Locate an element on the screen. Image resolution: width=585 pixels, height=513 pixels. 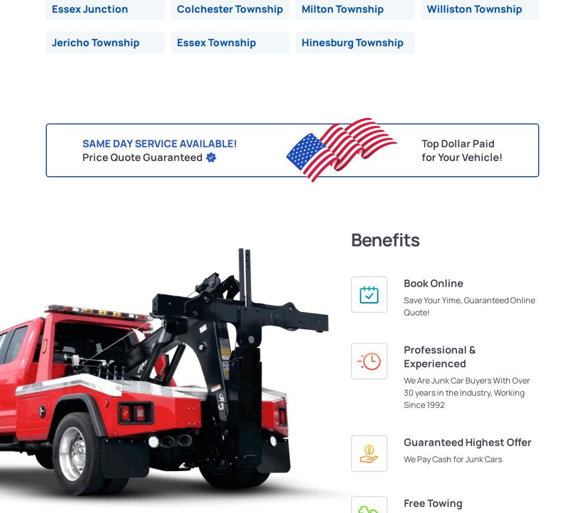
'Book Online' is located at coordinates (433, 282).